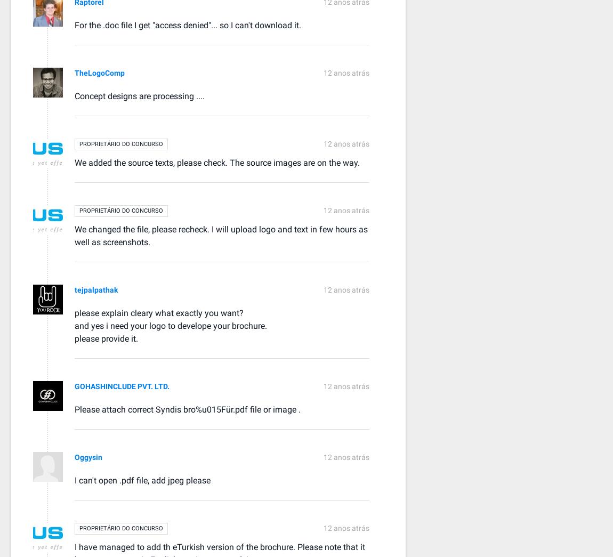  I want to click on 'TheLogoComp', so click(99, 71).